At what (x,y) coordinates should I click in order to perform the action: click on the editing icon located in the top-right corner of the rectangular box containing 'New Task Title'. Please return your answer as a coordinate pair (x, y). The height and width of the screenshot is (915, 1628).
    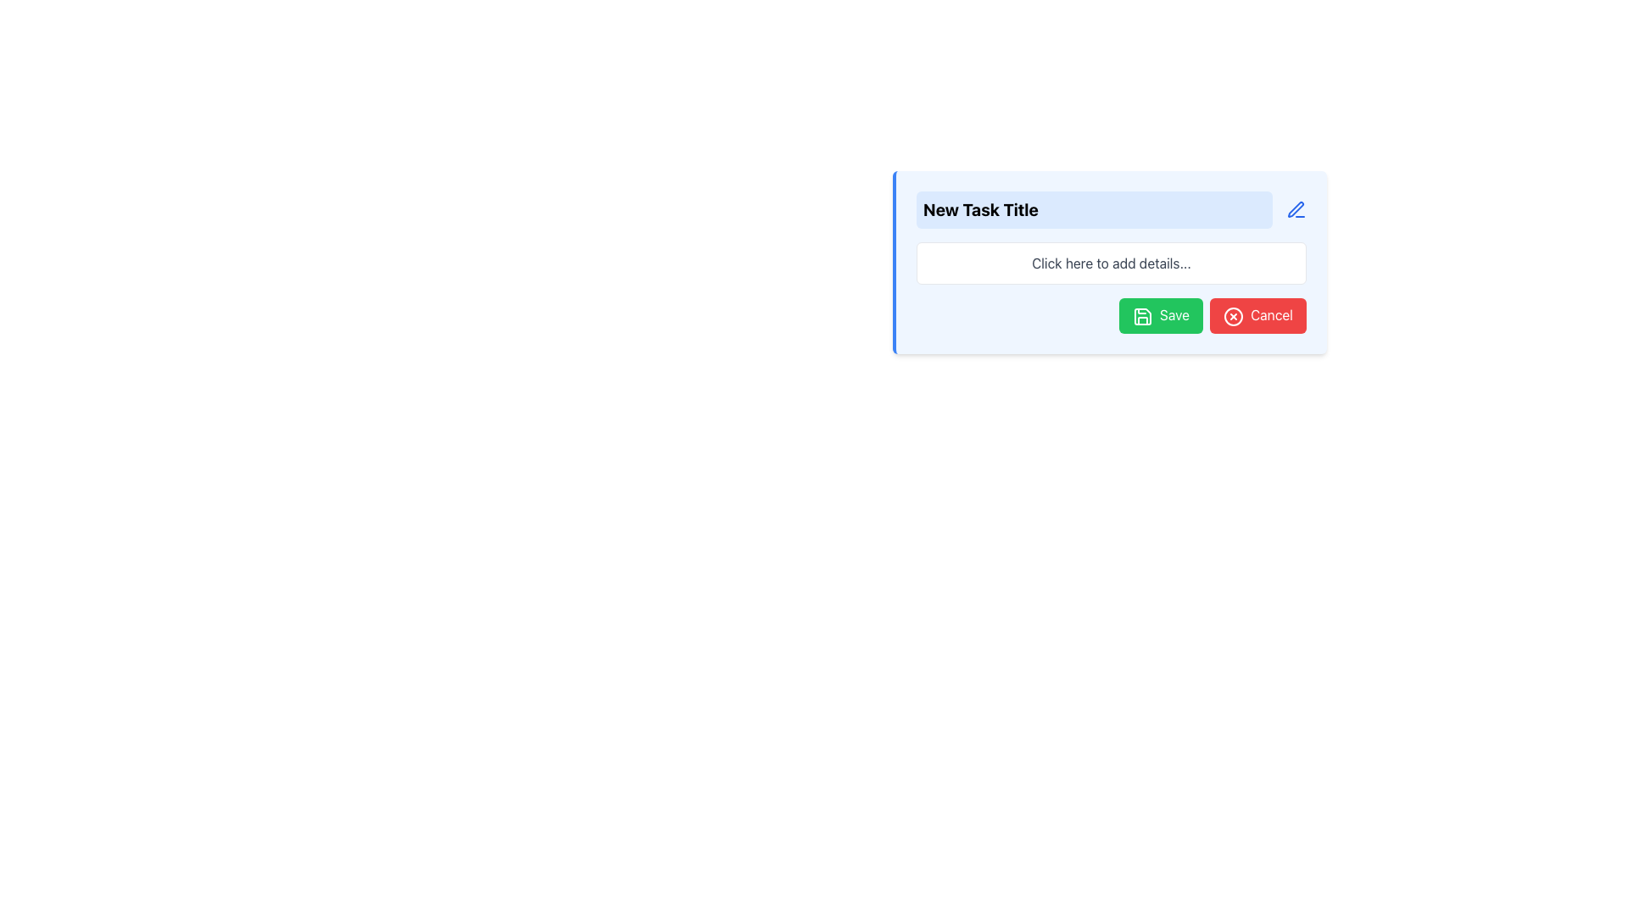
    Looking at the image, I should click on (1295, 208).